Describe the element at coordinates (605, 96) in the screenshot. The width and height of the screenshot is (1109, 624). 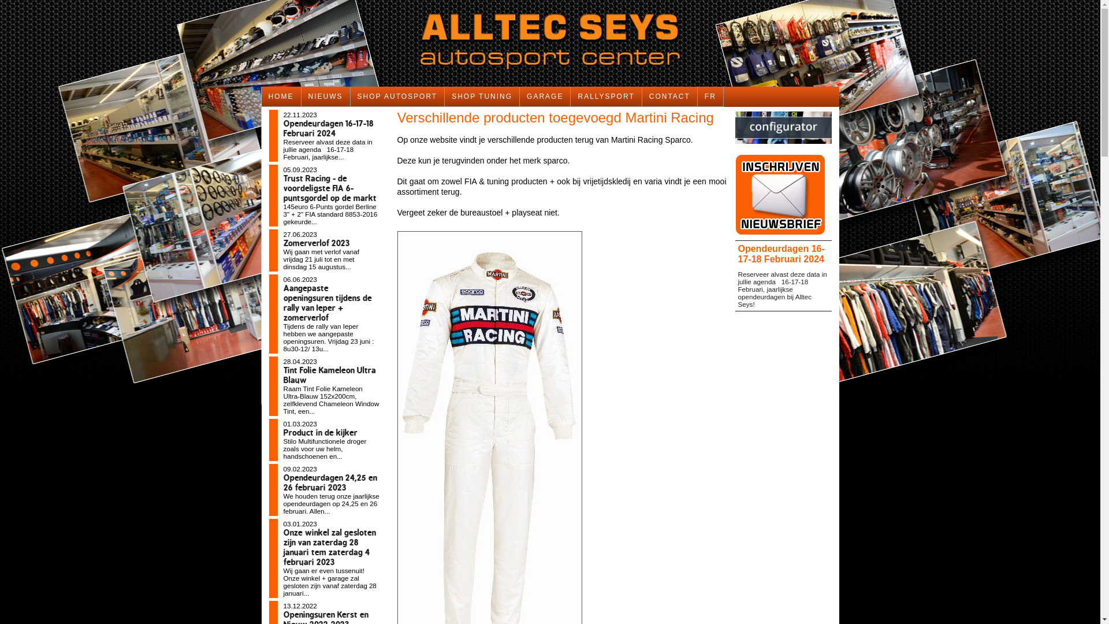
I see `'RALLYSPORT'` at that location.